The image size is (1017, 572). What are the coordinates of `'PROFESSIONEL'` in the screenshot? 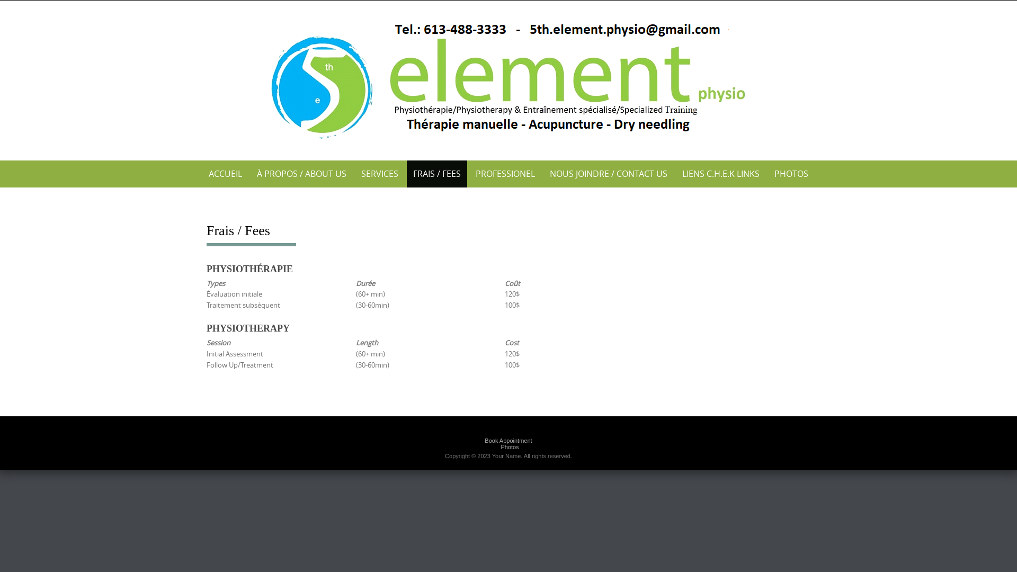 It's located at (469, 173).